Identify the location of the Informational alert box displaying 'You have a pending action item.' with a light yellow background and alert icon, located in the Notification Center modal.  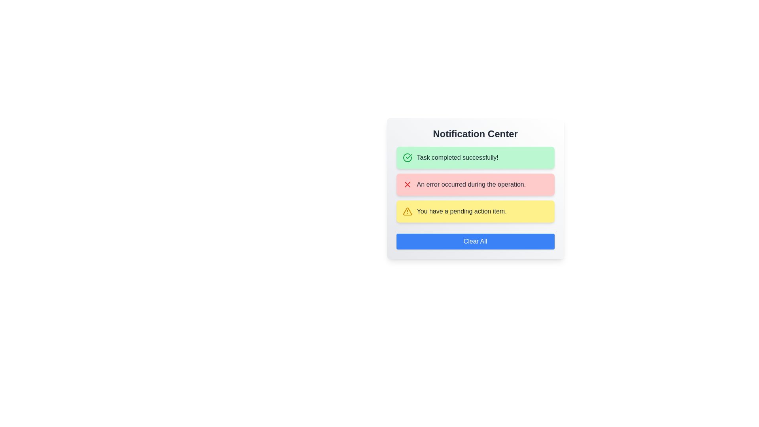
(475, 211).